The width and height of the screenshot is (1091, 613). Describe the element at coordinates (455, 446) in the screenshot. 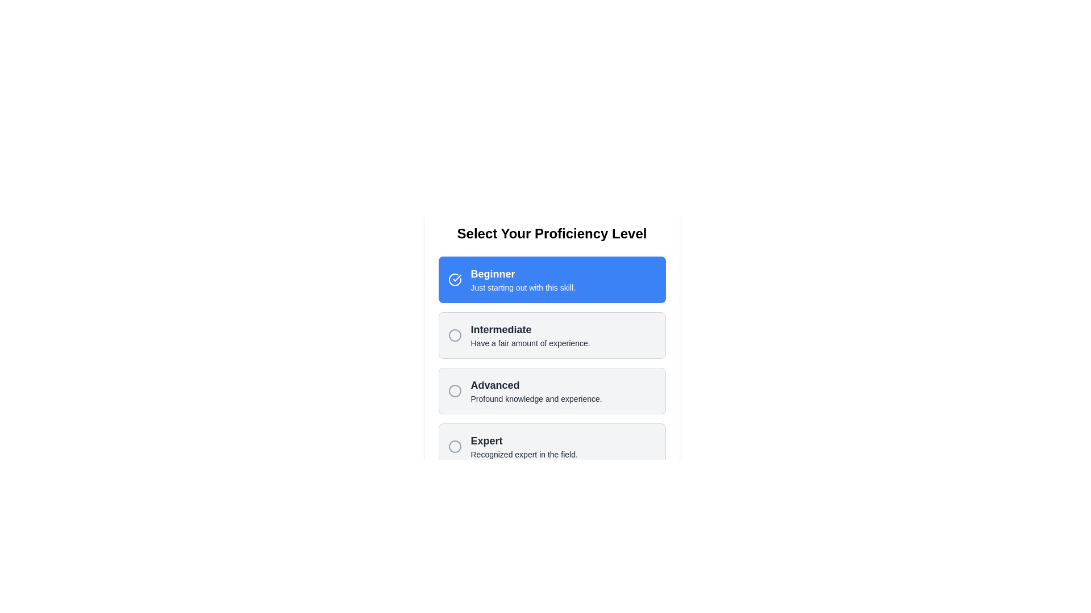

I see `the circular SVG element representing the user's choice in the 'Expert' proficiency level selection interface` at that location.